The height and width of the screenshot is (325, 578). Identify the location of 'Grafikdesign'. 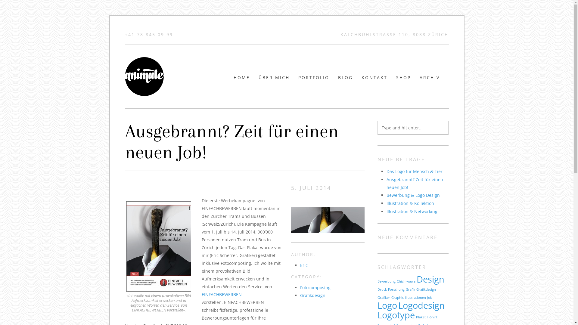
(312, 295).